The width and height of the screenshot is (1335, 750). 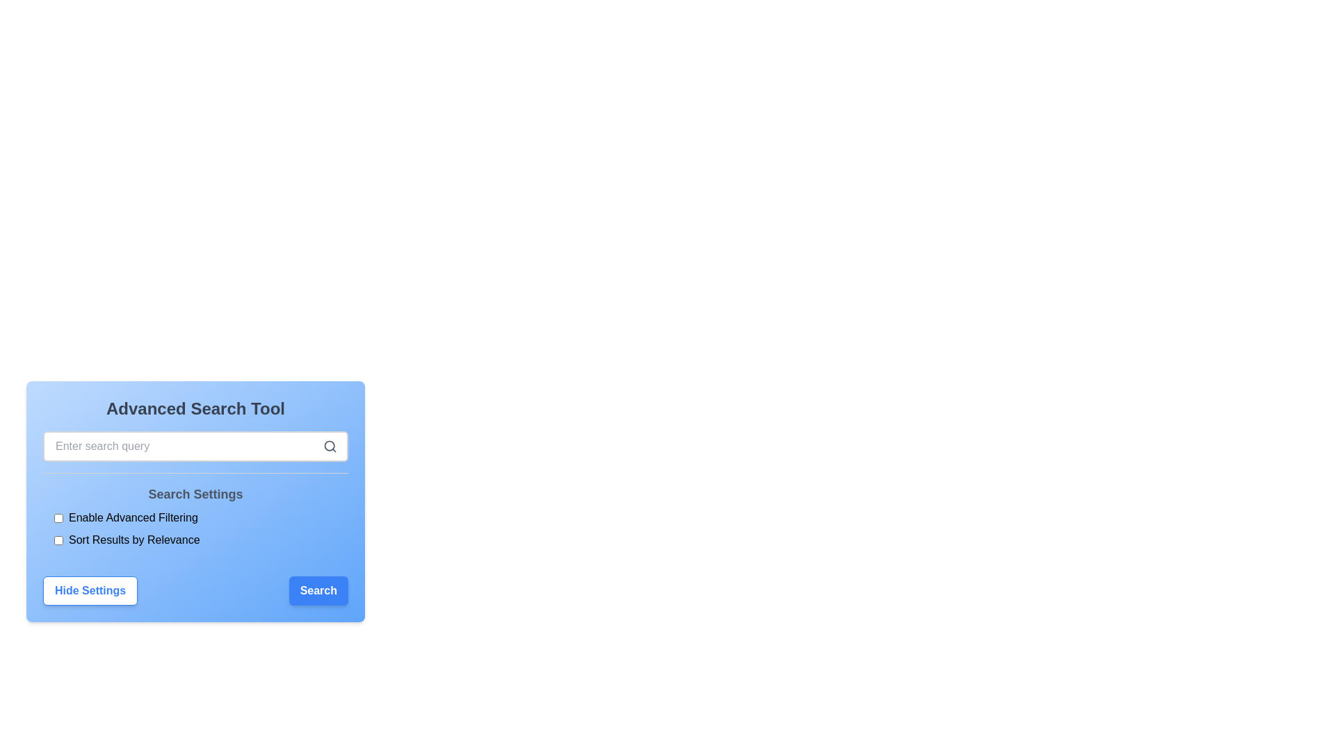 What do you see at coordinates (133, 517) in the screenshot?
I see `the 'Enable Advanced Filtering' text label located in the 'Search Settings' section, which is styled in black font and positioned beside a checkbox` at bounding box center [133, 517].